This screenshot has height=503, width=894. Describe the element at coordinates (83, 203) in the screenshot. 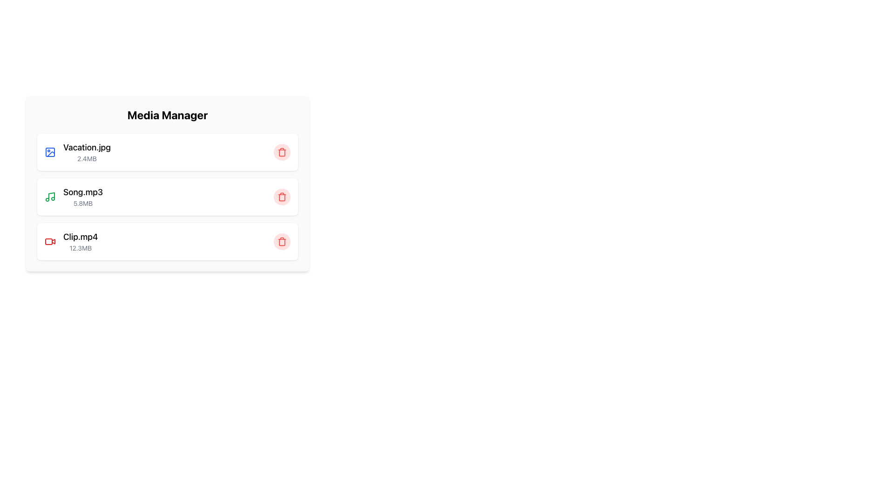

I see `the text label displaying '5.8MB', which is located below the 'Song.mp3' label in the 'Media Manager' panel` at that location.